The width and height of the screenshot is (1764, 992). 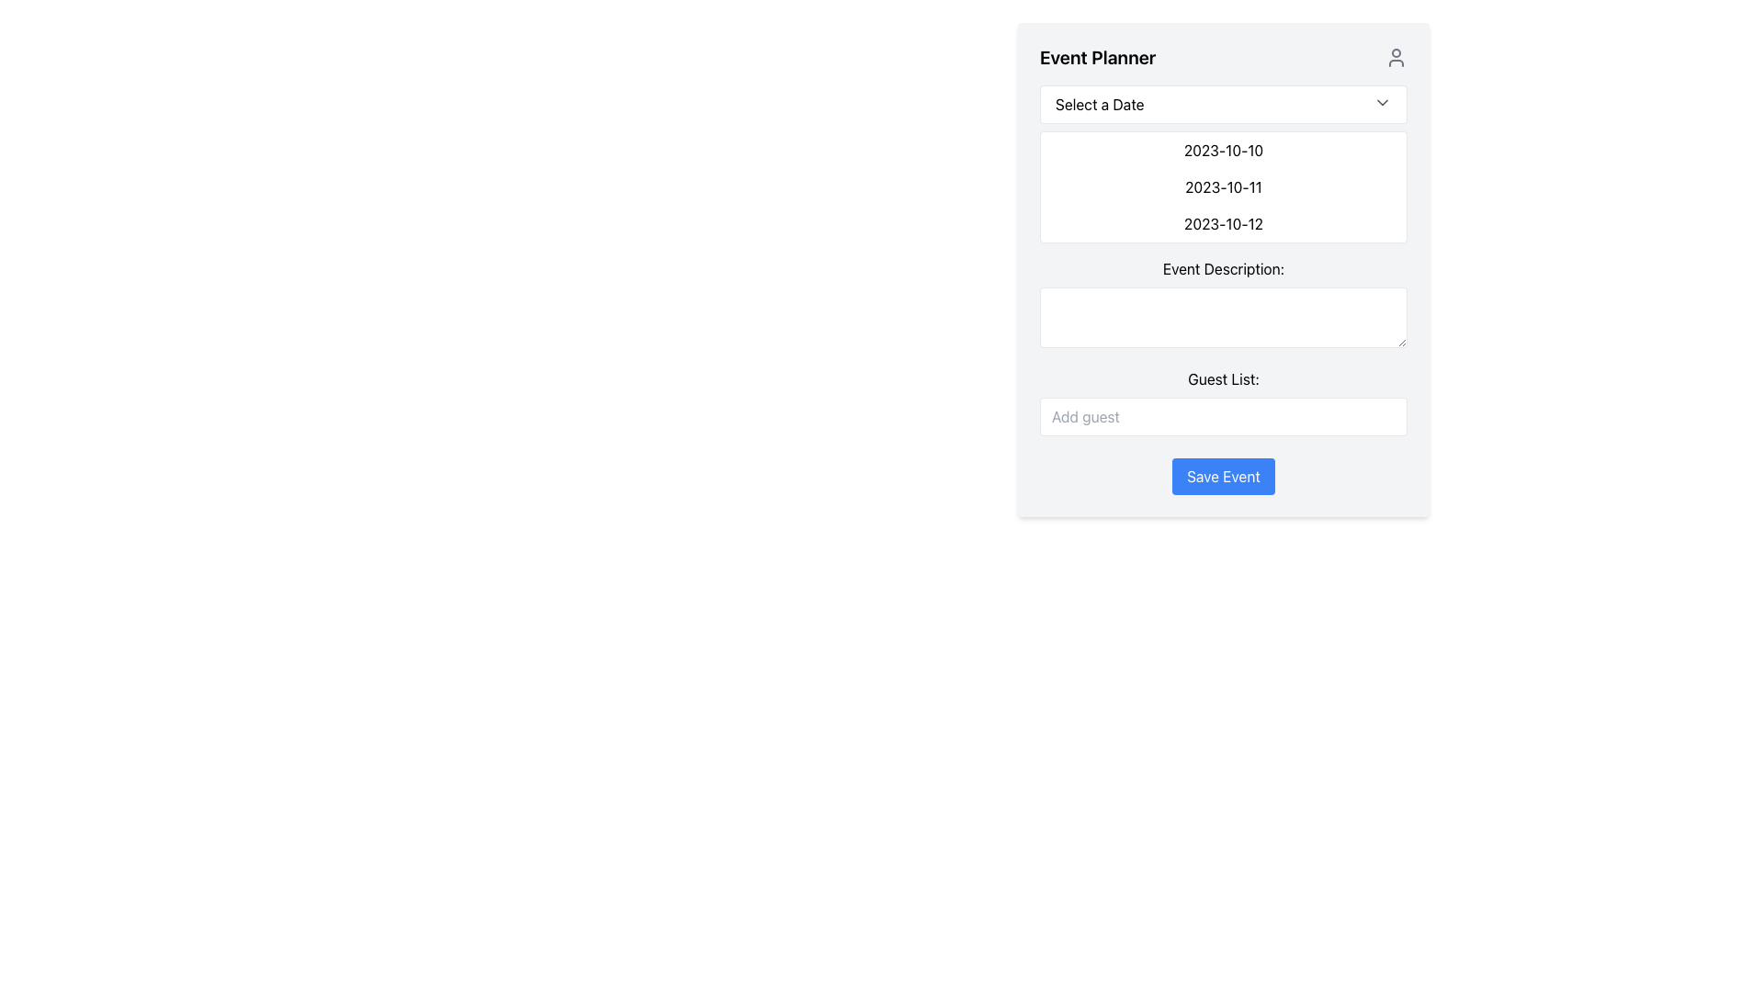 What do you see at coordinates (1223, 476) in the screenshot?
I see `the 'Save Event' button, which is a rectangular button with white text on a blue background located at the bottom of the 'Event Planner' dialog box` at bounding box center [1223, 476].